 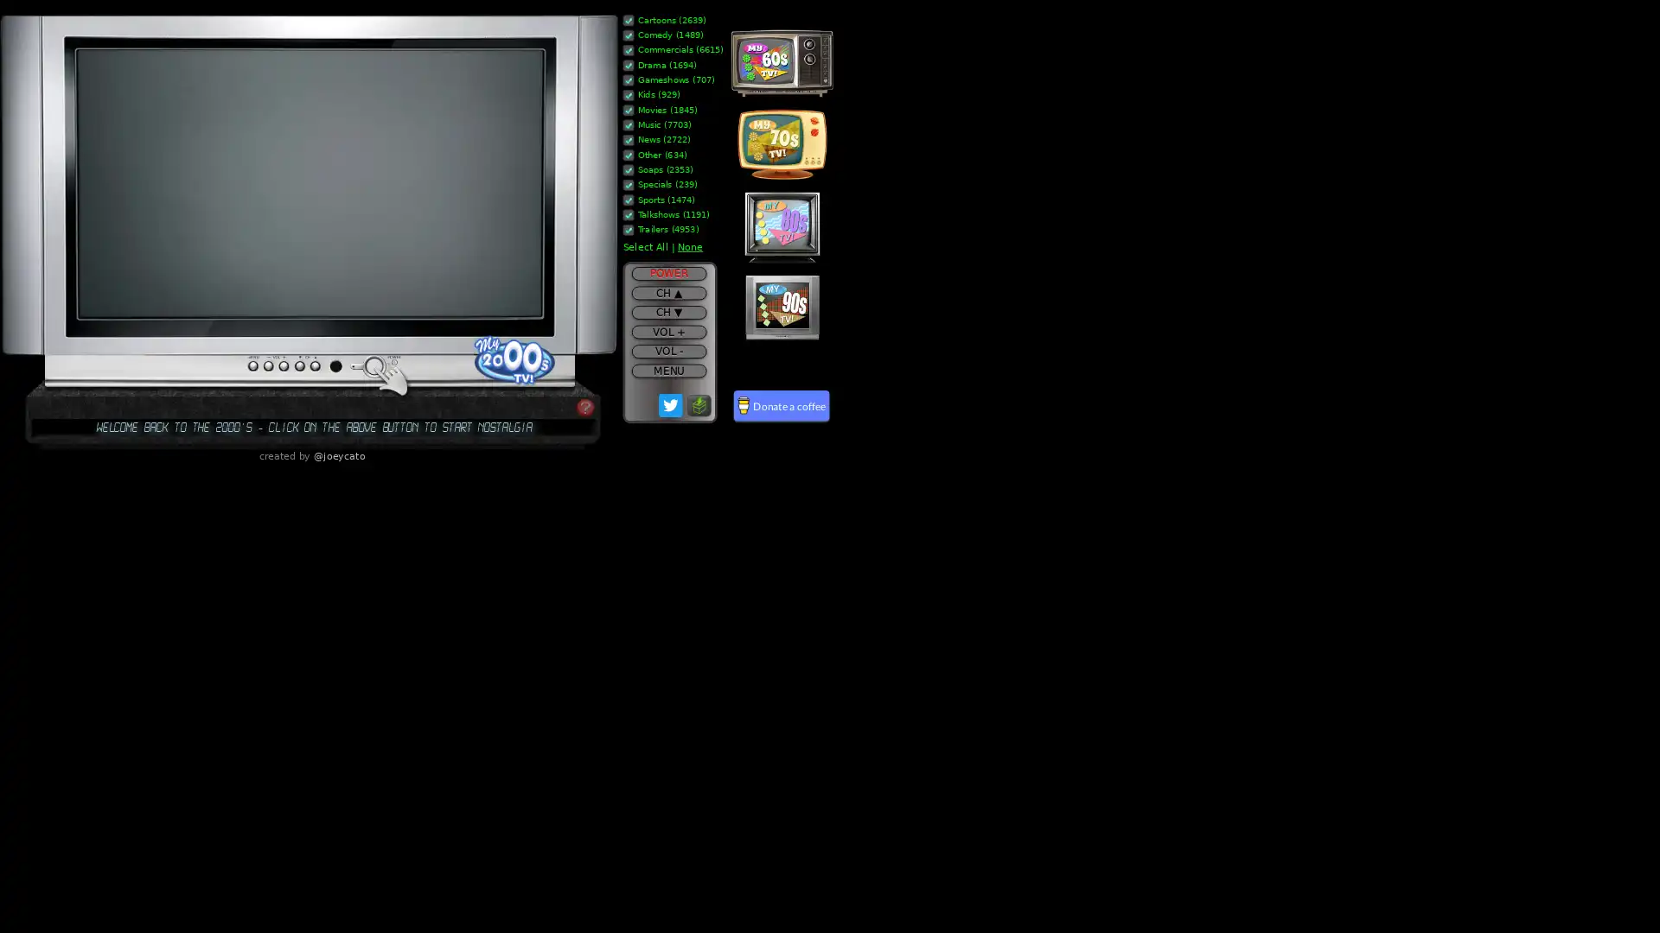 What do you see at coordinates (667, 272) in the screenshot?
I see `POWER` at bounding box center [667, 272].